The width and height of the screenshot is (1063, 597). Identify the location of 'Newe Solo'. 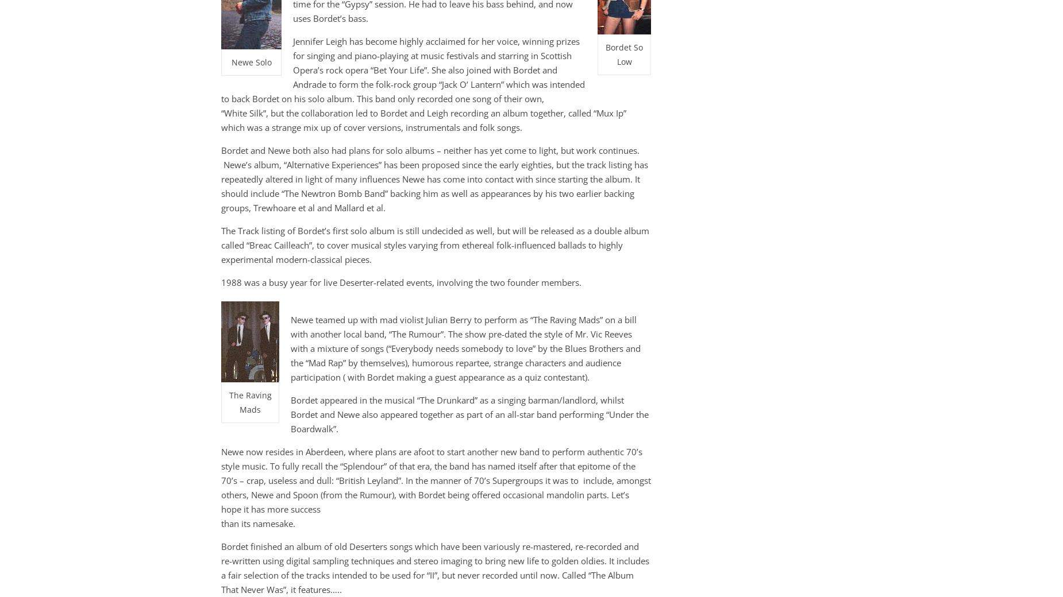
(250, 61).